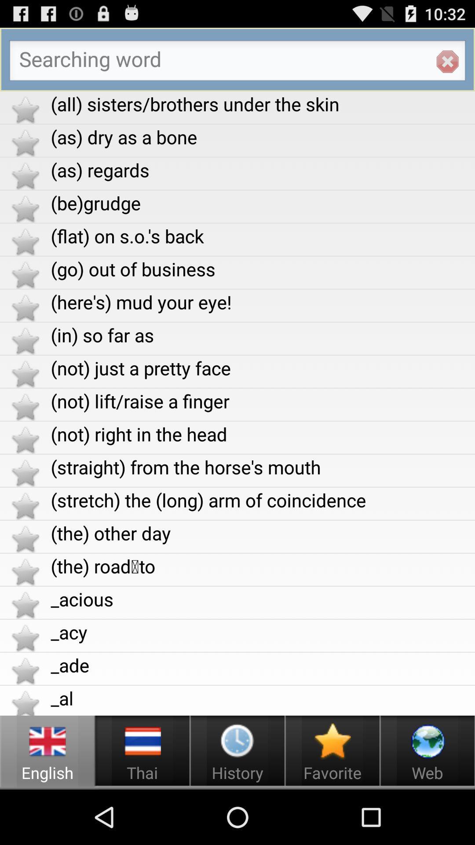 Image resolution: width=475 pixels, height=845 pixels. Describe the element at coordinates (262, 334) in the screenshot. I see `in so far` at that location.